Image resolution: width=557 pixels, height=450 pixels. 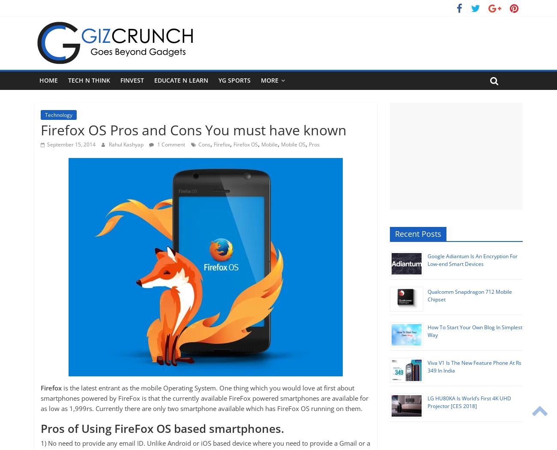 What do you see at coordinates (41, 428) in the screenshot?
I see `'Pros of Using FireFox OS based smartphones.'` at bounding box center [41, 428].